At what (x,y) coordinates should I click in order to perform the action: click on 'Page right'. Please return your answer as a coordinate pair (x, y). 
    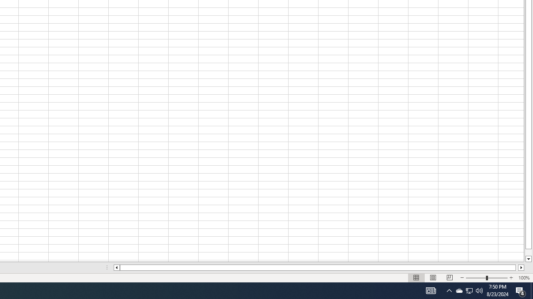
    Looking at the image, I should click on (516, 267).